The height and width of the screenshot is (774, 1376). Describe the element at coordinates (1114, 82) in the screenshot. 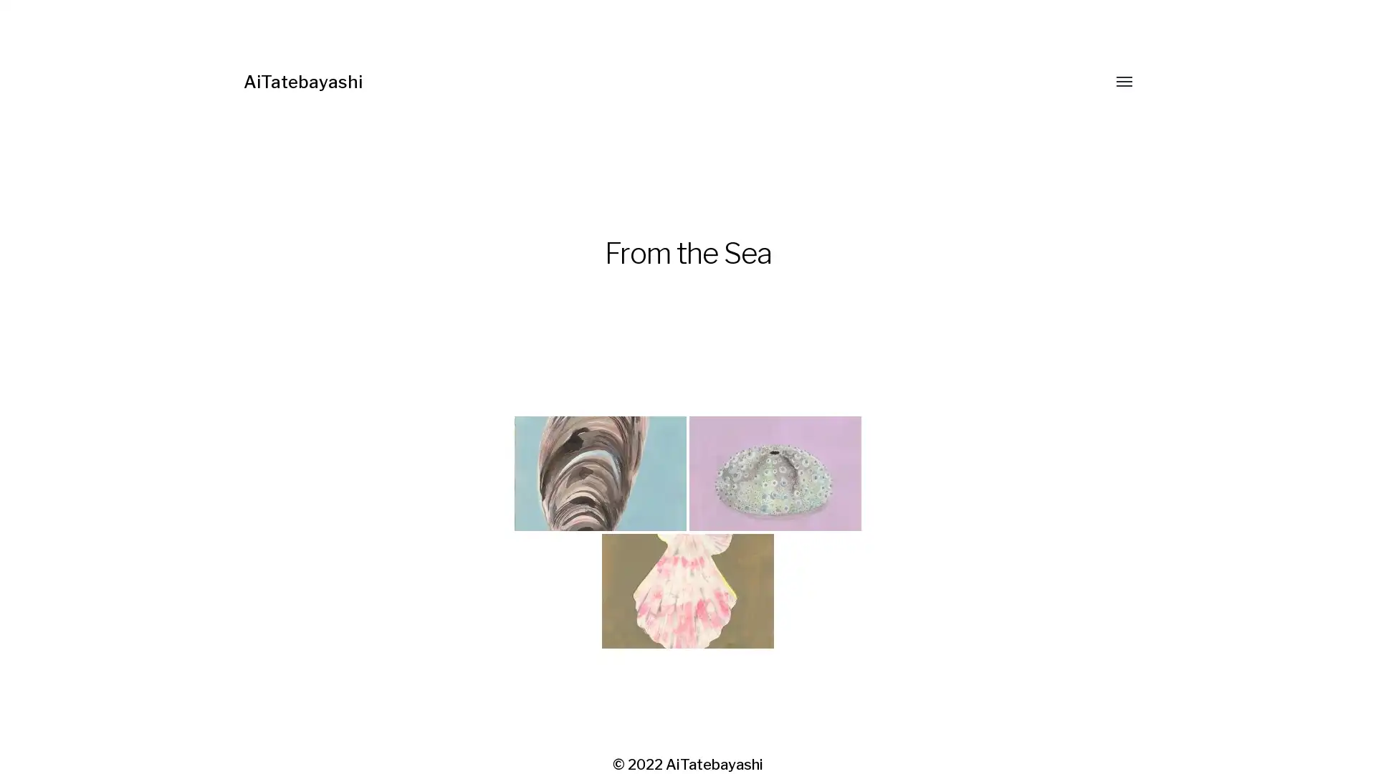

I see `Toggle menu` at that location.